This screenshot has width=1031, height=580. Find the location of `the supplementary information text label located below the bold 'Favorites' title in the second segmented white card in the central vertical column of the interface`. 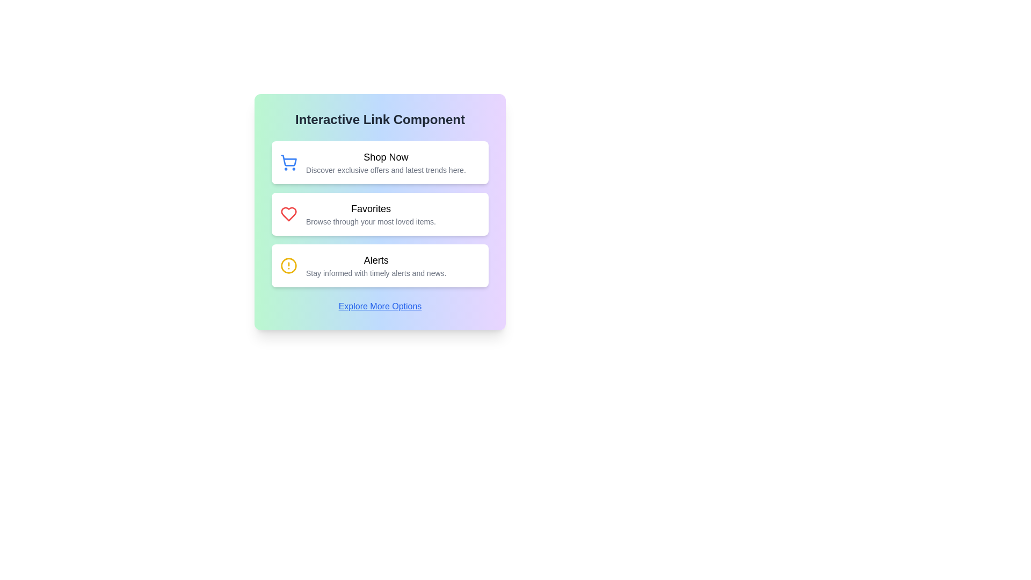

the supplementary information text label located below the bold 'Favorites' title in the second segmented white card in the central vertical column of the interface is located at coordinates (371, 221).